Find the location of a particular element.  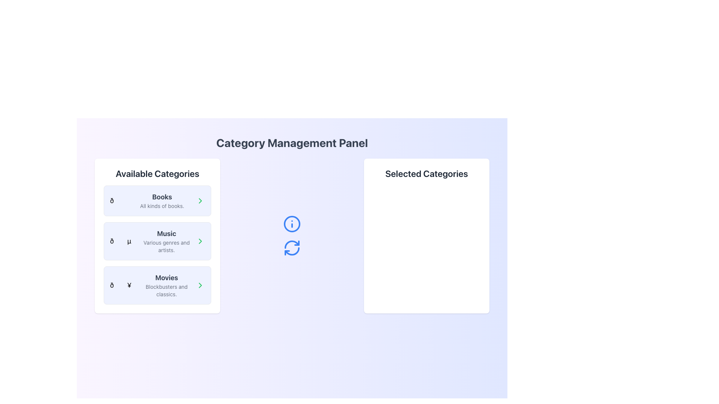

the information indicator icon located centrally below the 'Category Management Panel' heading, which is the first of two vertically stacked icons is located at coordinates (291, 223).